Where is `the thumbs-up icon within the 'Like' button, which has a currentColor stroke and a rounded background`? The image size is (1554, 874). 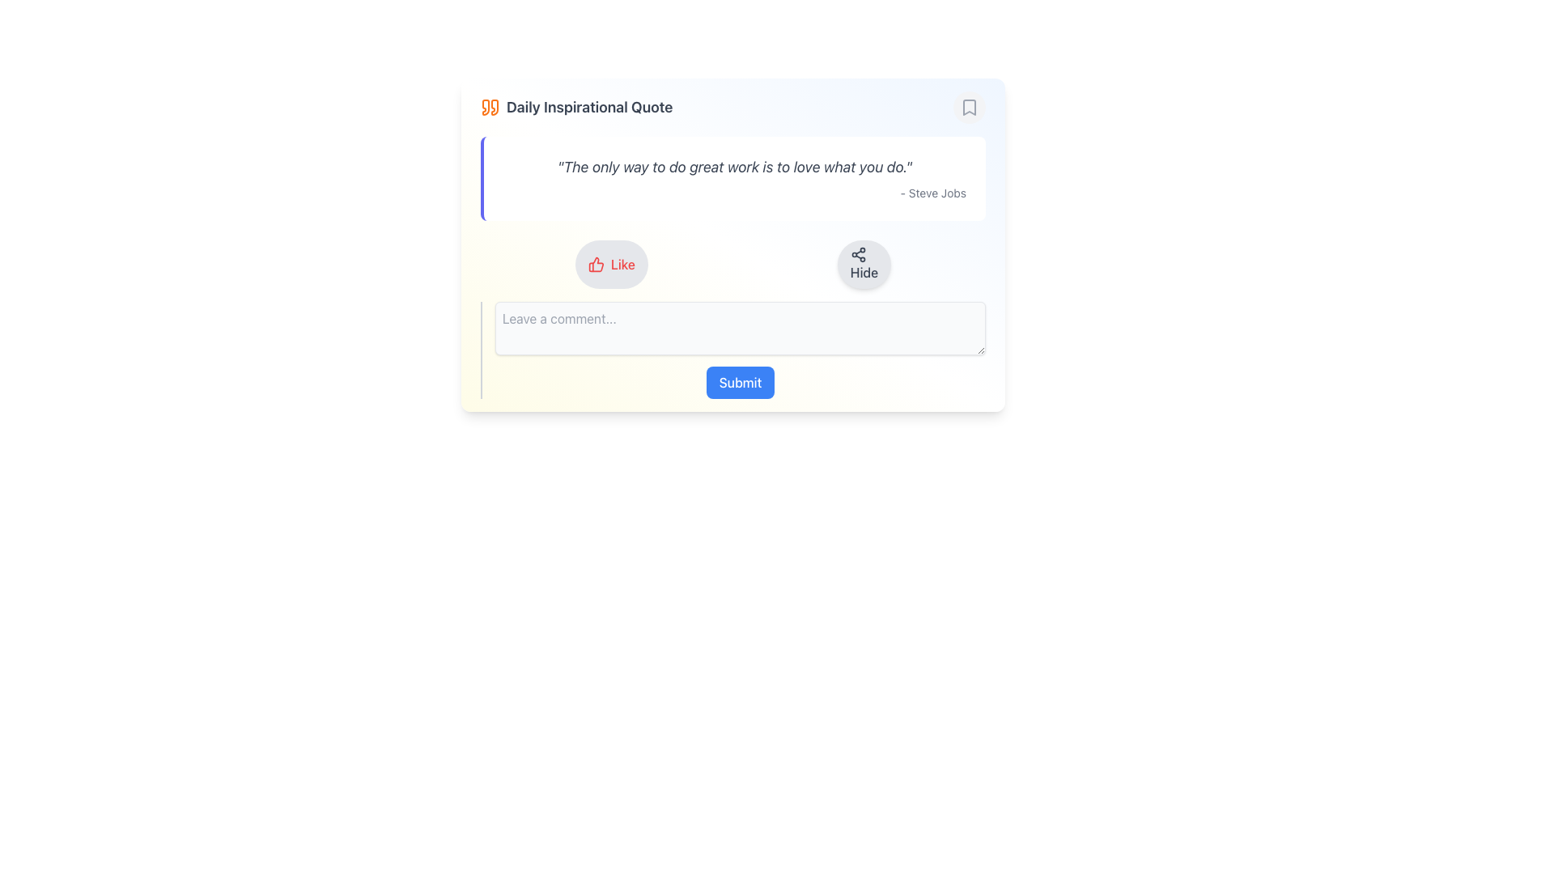
the thumbs-up icon within the 'Like' button, which has a currentColor stroke and a rounded background is located at coordinates (595, 264).